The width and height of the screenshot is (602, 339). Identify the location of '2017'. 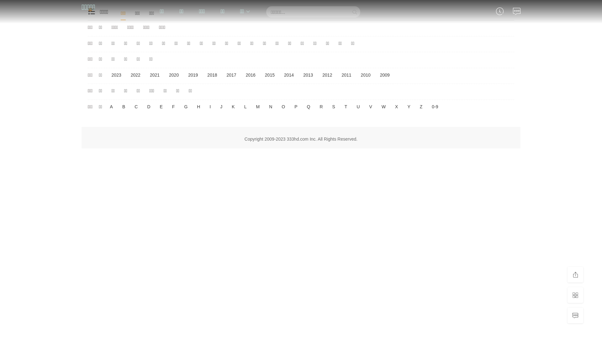
(231, 75).